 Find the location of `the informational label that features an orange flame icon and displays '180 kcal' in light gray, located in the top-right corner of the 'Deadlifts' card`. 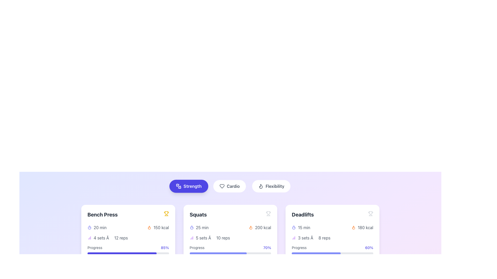

the informational label that features an orange flame icon and displays '180 kcal' in light gray, located in the top-right corner of the 'Deadlifts' card is located at coordinates (362, 227).